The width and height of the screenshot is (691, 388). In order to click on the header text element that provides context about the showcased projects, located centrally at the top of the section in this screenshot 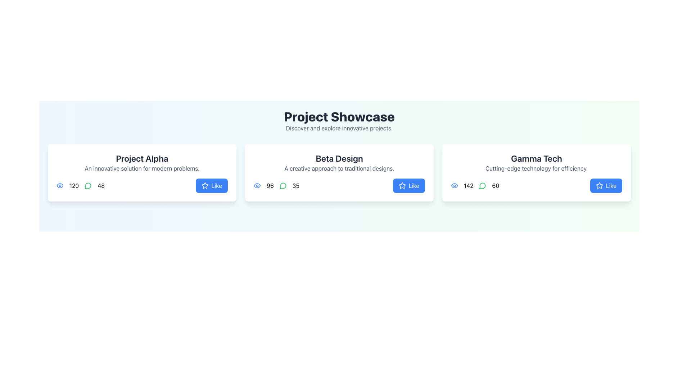, I will do `click(339, 116)`.